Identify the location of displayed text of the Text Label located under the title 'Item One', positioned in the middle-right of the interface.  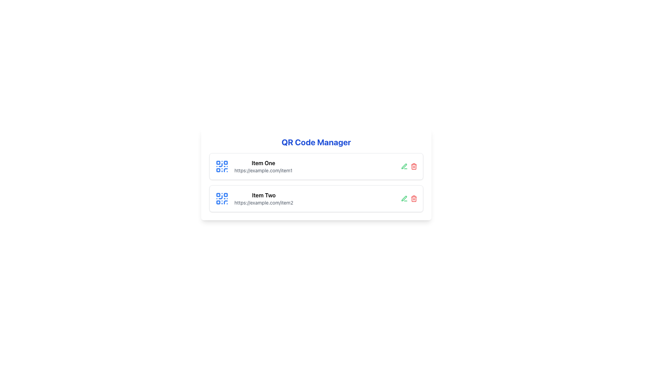
(263, 170).